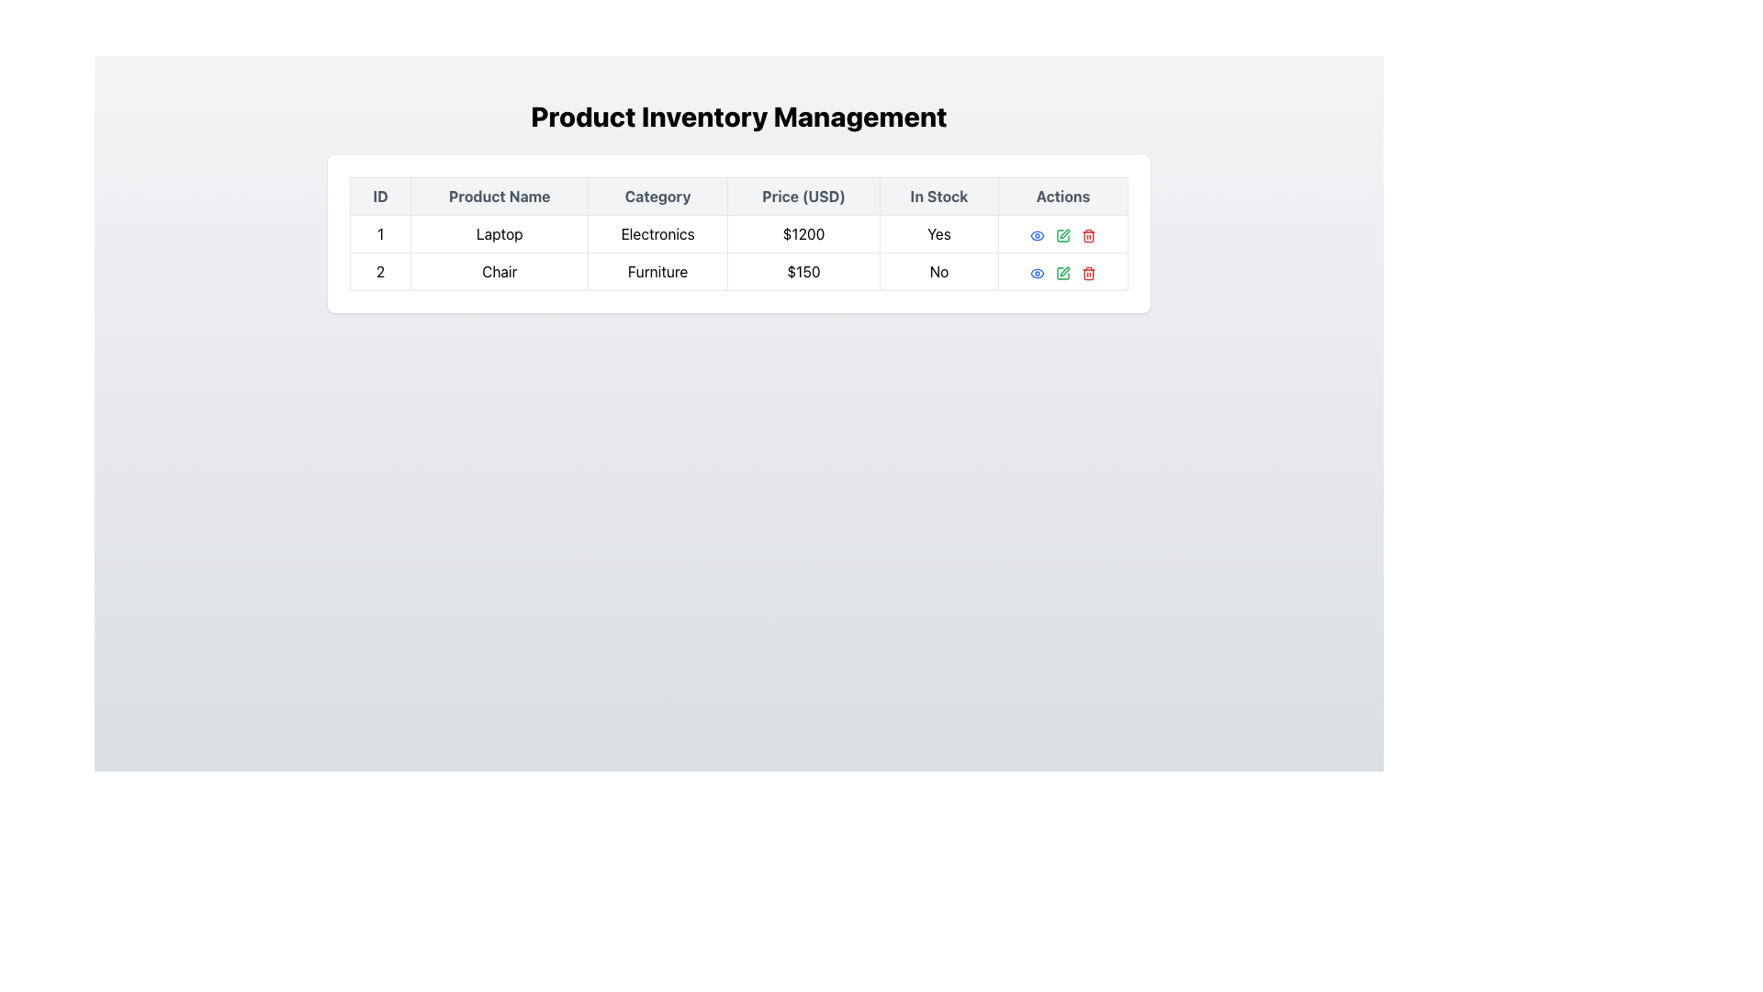  I want to click on the 'Out of Stock' label in the 'In Stock' column of the second row of the table, which indicates that the chair priced at $150 is not available, so click(938, 272).